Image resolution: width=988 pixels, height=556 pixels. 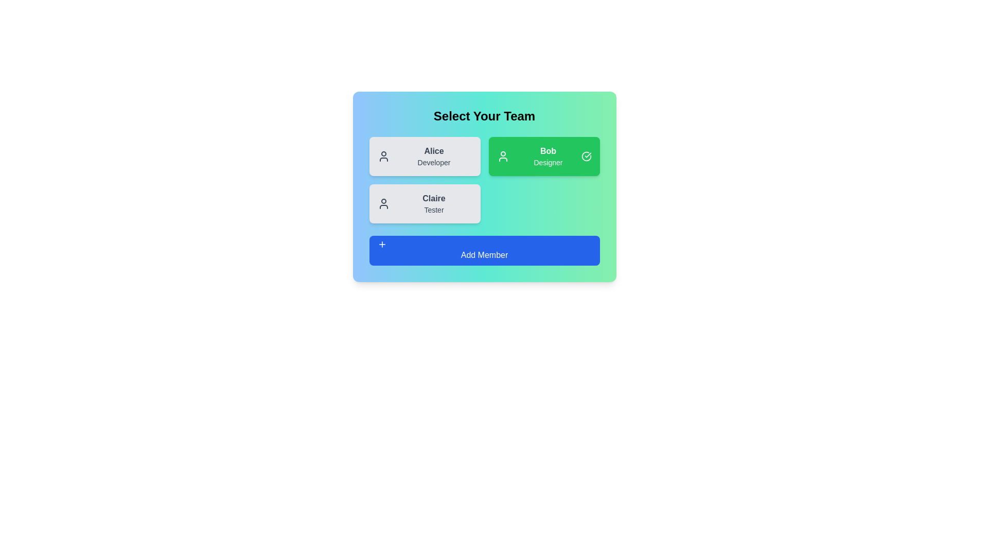 I want to click on the card of team member Bob, so click(x=543, y=157).